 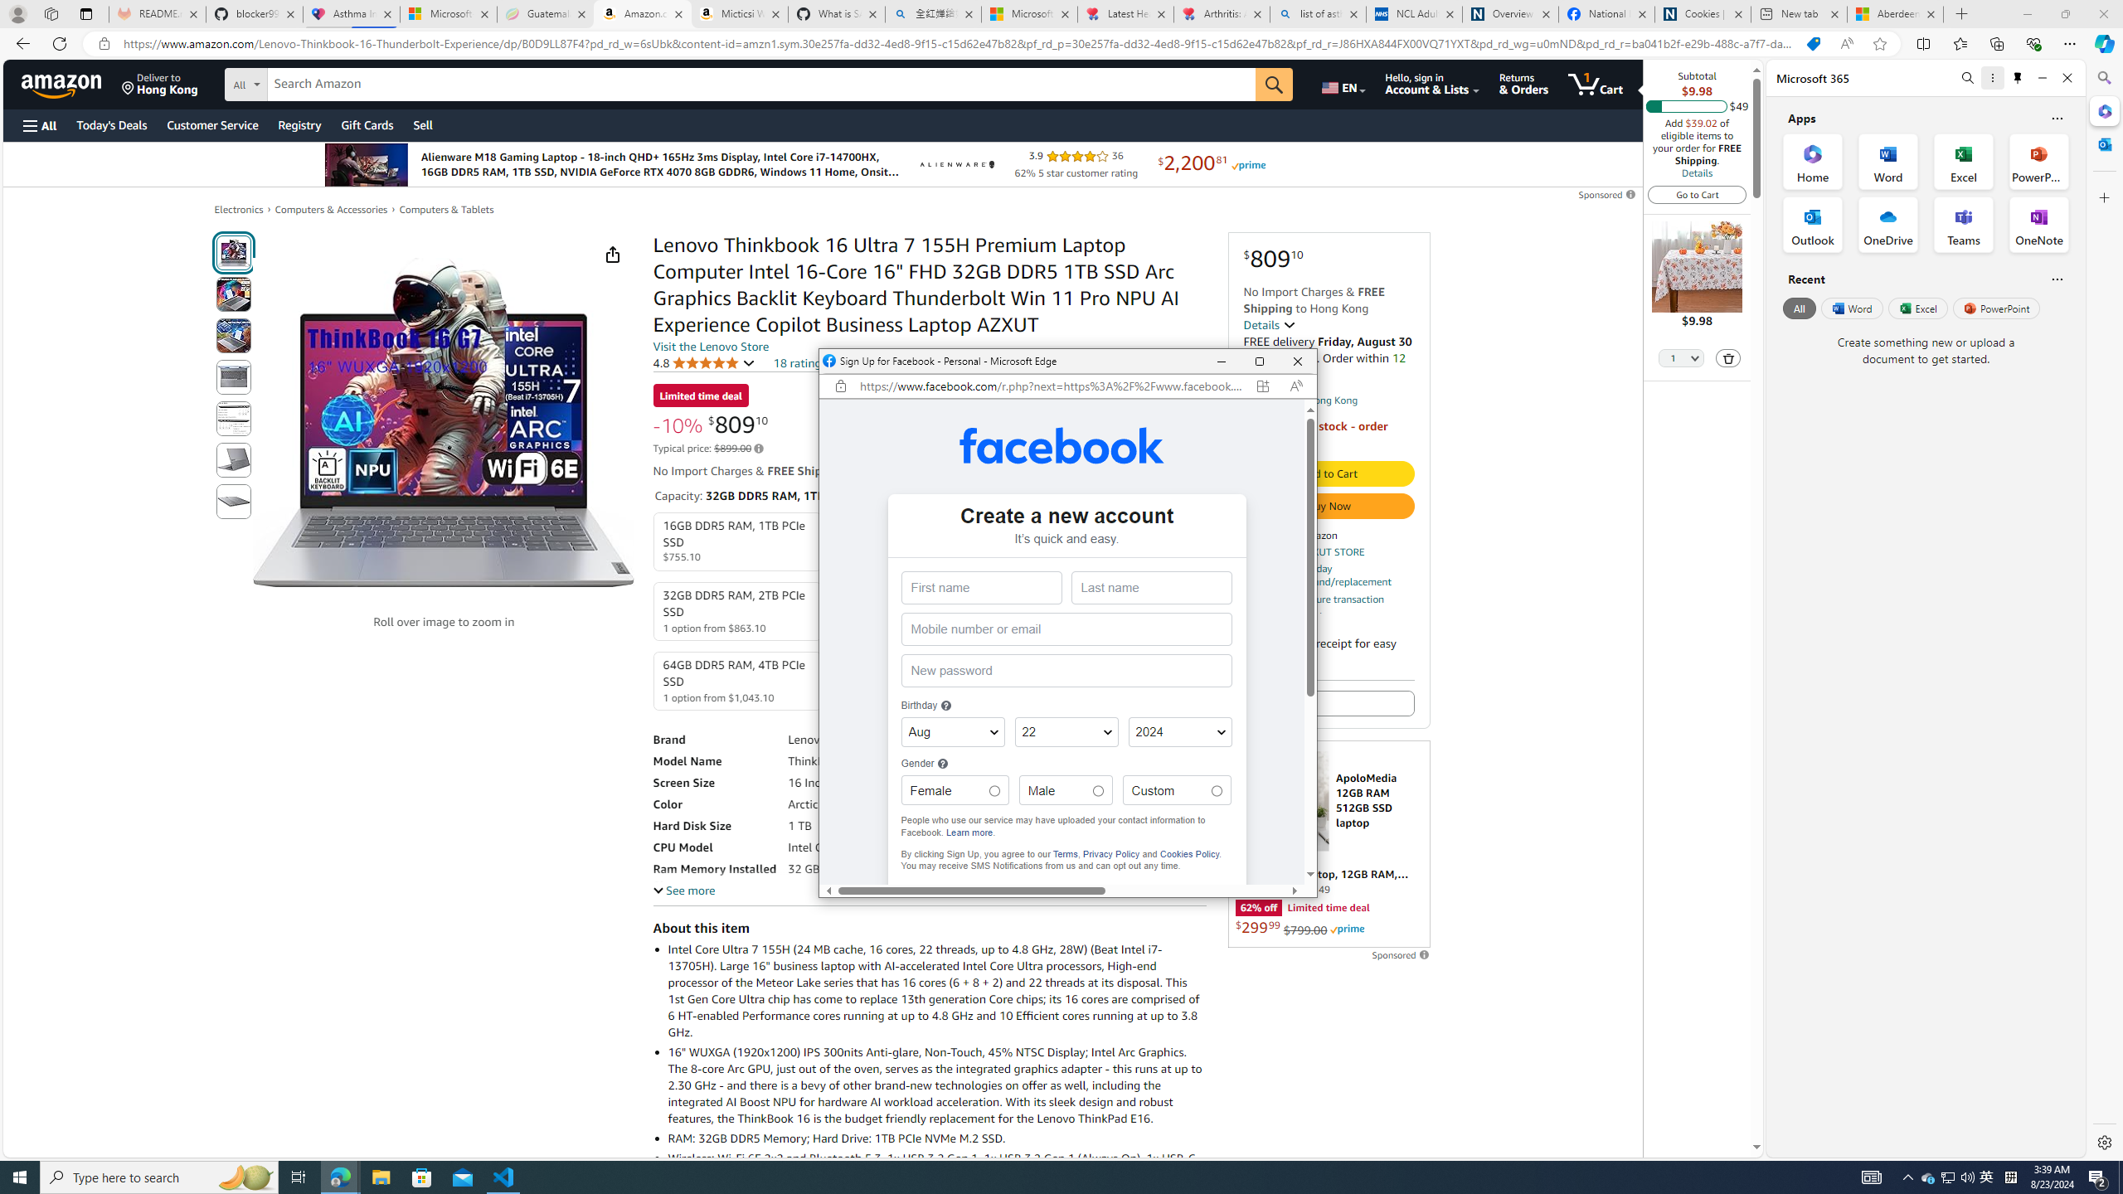 I want to click on 'PowerPoint Office App', so click(x=2038, y=162).